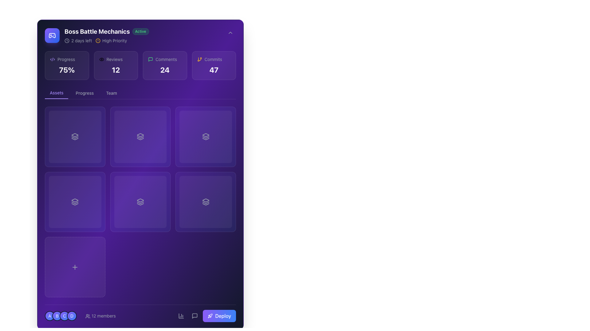 This screenshot has width=590, height=331. Describe the element at coordinates (206, 135) in the screenshot. I see `the topmost SVG vector graphic element located in the middle-right slot of a 3x3 grid layout, which has a sharp geometric design` at that location.